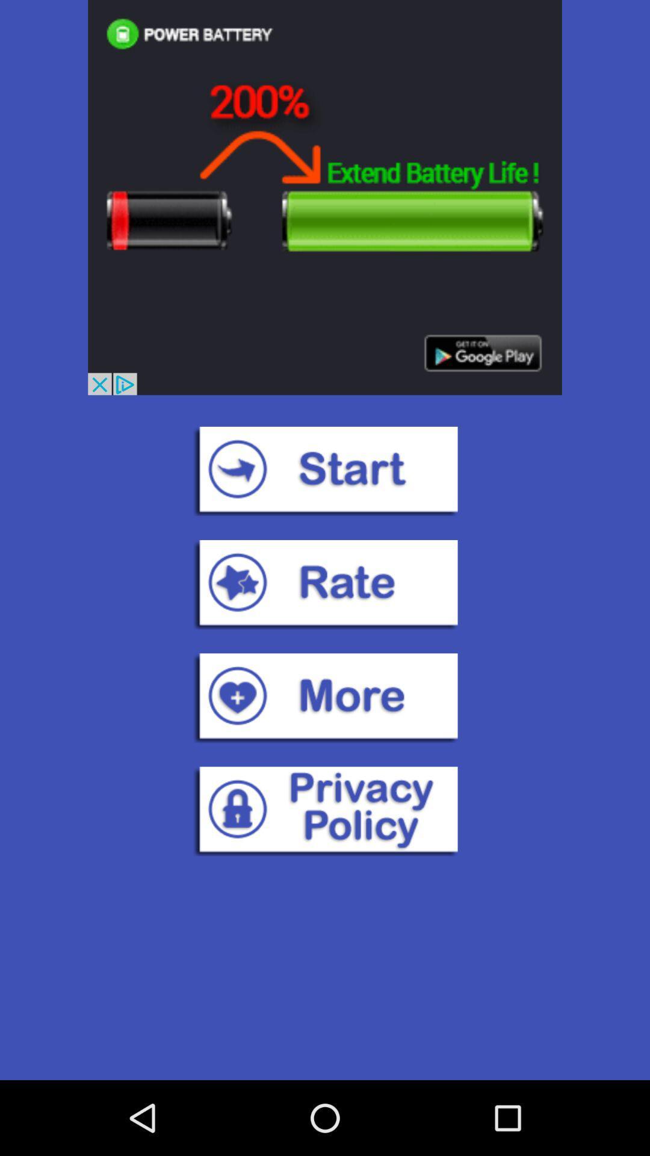  I want to click on more, so click(325, 698).